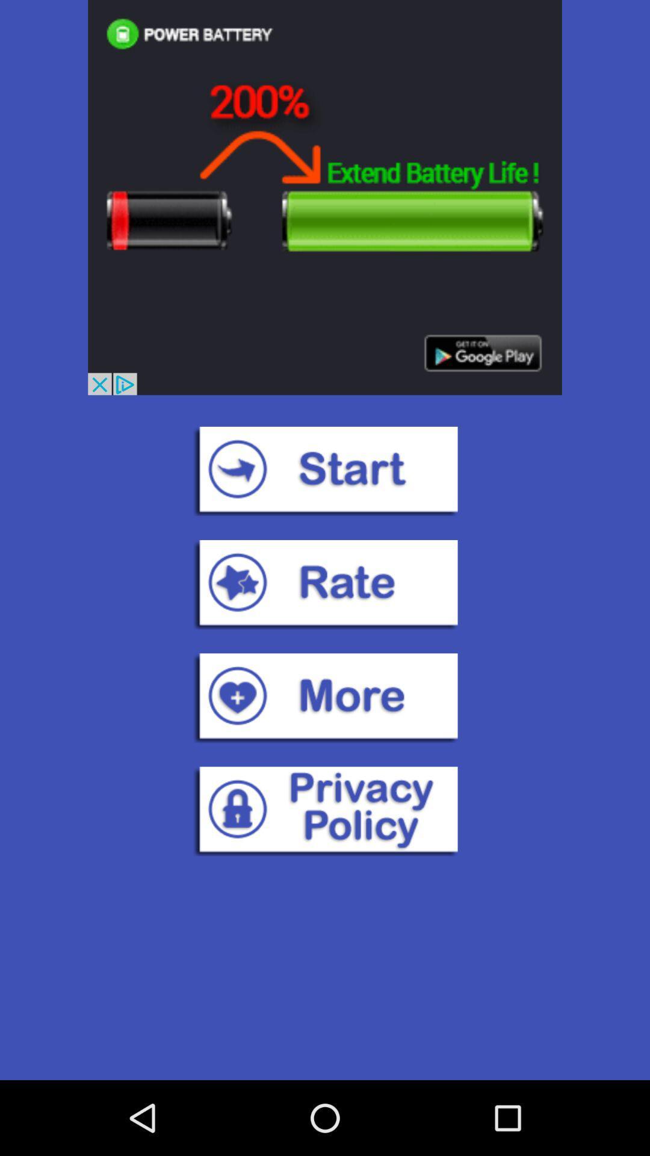  I want to click on more, so click(325, 698).